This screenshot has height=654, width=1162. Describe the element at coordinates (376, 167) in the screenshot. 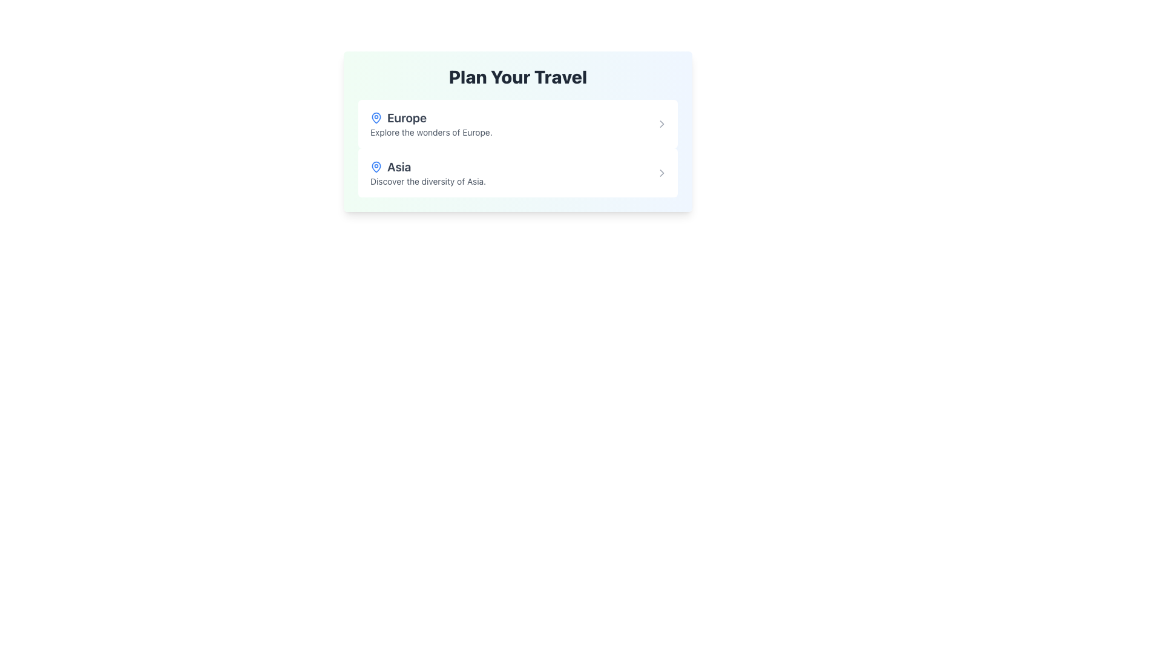

I see `the map pin icon with a blue outline adjacent to the label 'Asia' in the travel destinations section` at that location.